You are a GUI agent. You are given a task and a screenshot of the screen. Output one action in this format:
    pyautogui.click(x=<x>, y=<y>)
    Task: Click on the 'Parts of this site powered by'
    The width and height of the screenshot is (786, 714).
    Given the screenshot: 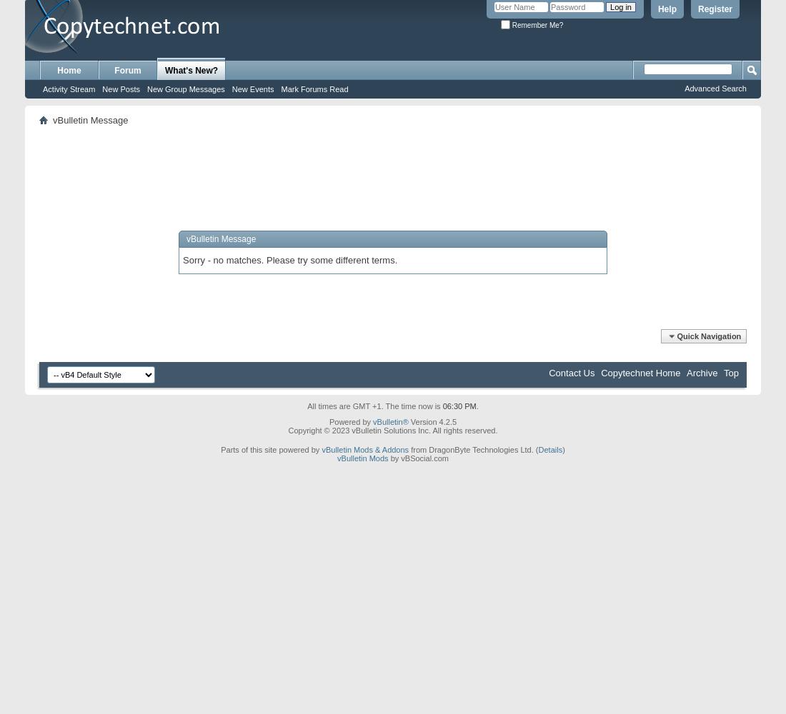 What is the action you would take?
    pyautogui.click(x=219, y=449)
    